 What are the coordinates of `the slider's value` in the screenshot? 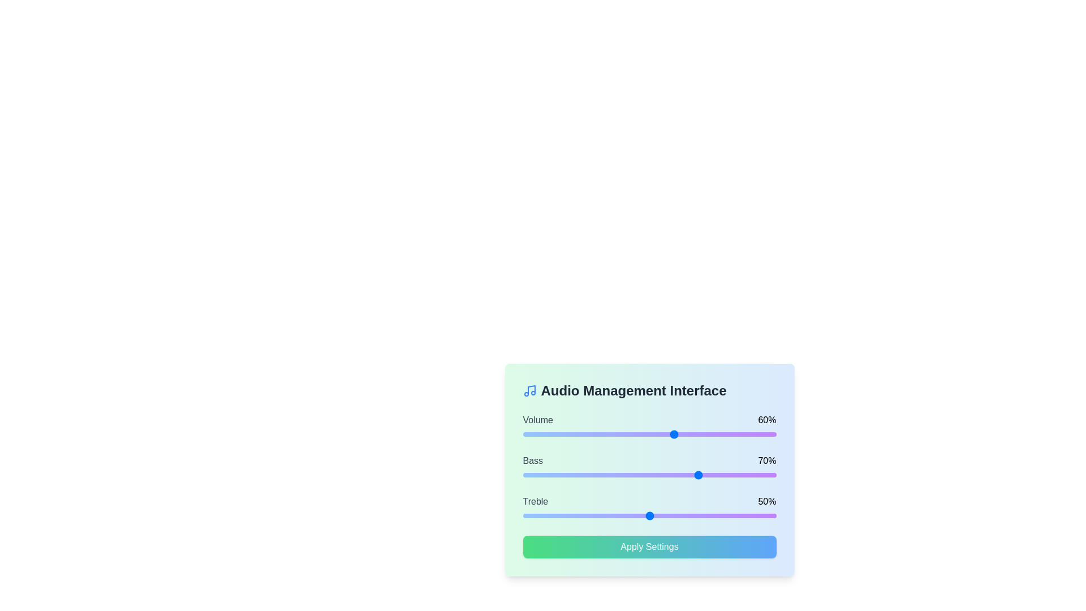 It's located at (566, 433).